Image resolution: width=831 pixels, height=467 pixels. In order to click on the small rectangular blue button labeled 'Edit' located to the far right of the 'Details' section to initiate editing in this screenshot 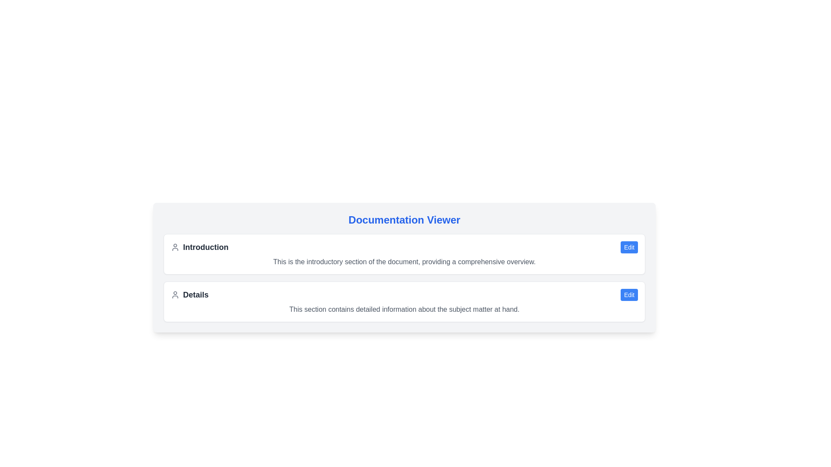, I will do `click(629, 294)`.